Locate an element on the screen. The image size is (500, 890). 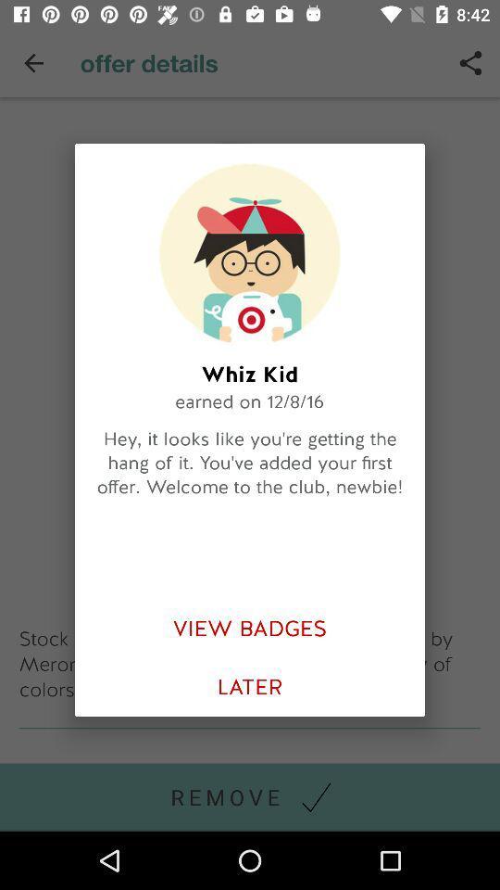
icon above later icon is located at coordinates (250, 629).